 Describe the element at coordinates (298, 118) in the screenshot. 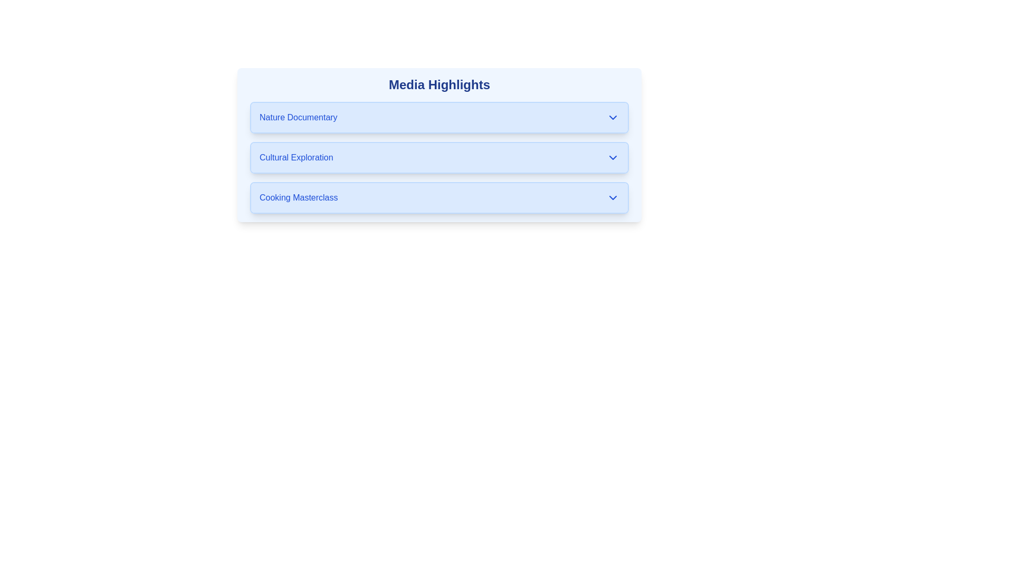

I see `the 'Nature Documentary' label, which is a blue text label with medium weight font, positioned at the top of the theme panels` at that location.